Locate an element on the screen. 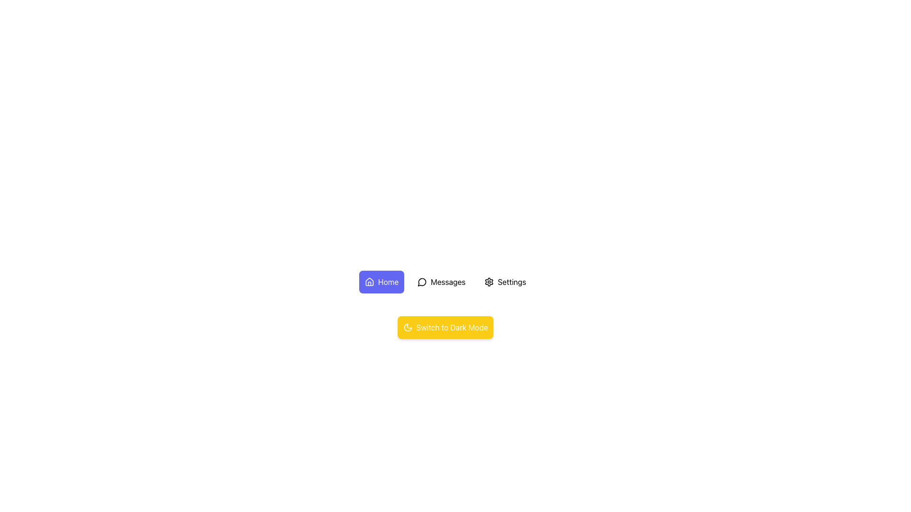 Image resolution: width=911 pixels, height=512 pixels. the chat bubble icon located under the 'Messages' label, which is the second icon from the left in the top-centered navigation segment is located at coordinates (421, 282).